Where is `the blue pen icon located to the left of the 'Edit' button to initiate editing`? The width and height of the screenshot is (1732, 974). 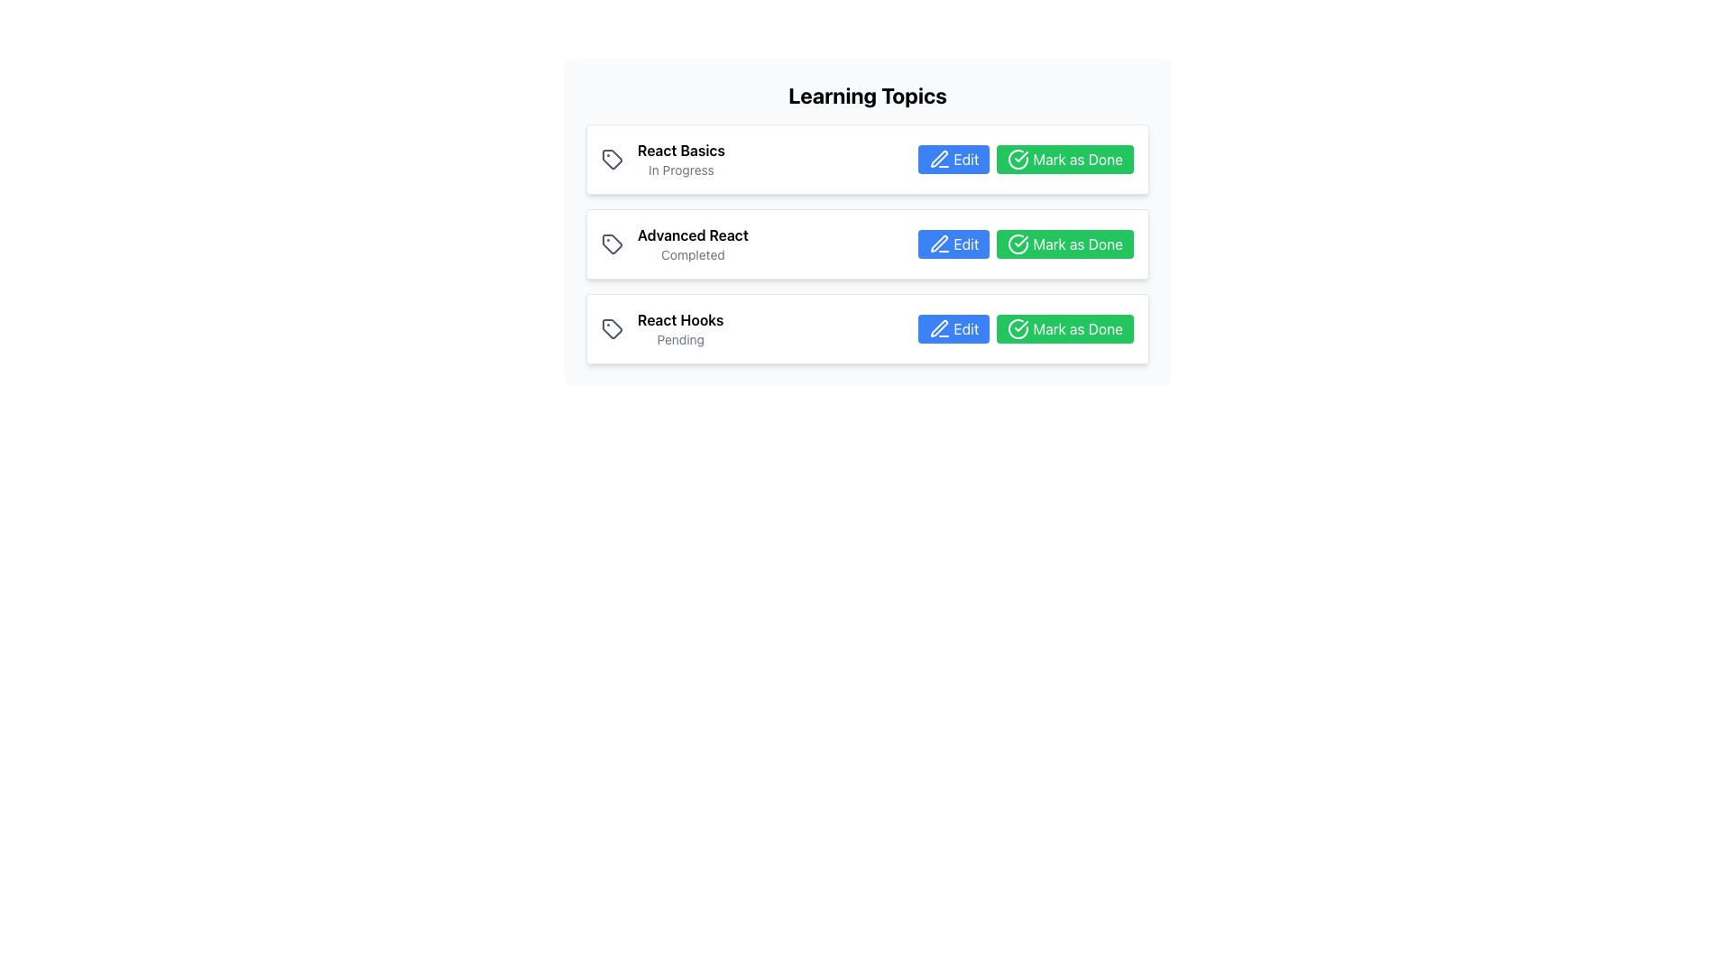 the blue pen icon located to the left of the 'Edit' button to initiate editing is located at coordinates (938, 159).